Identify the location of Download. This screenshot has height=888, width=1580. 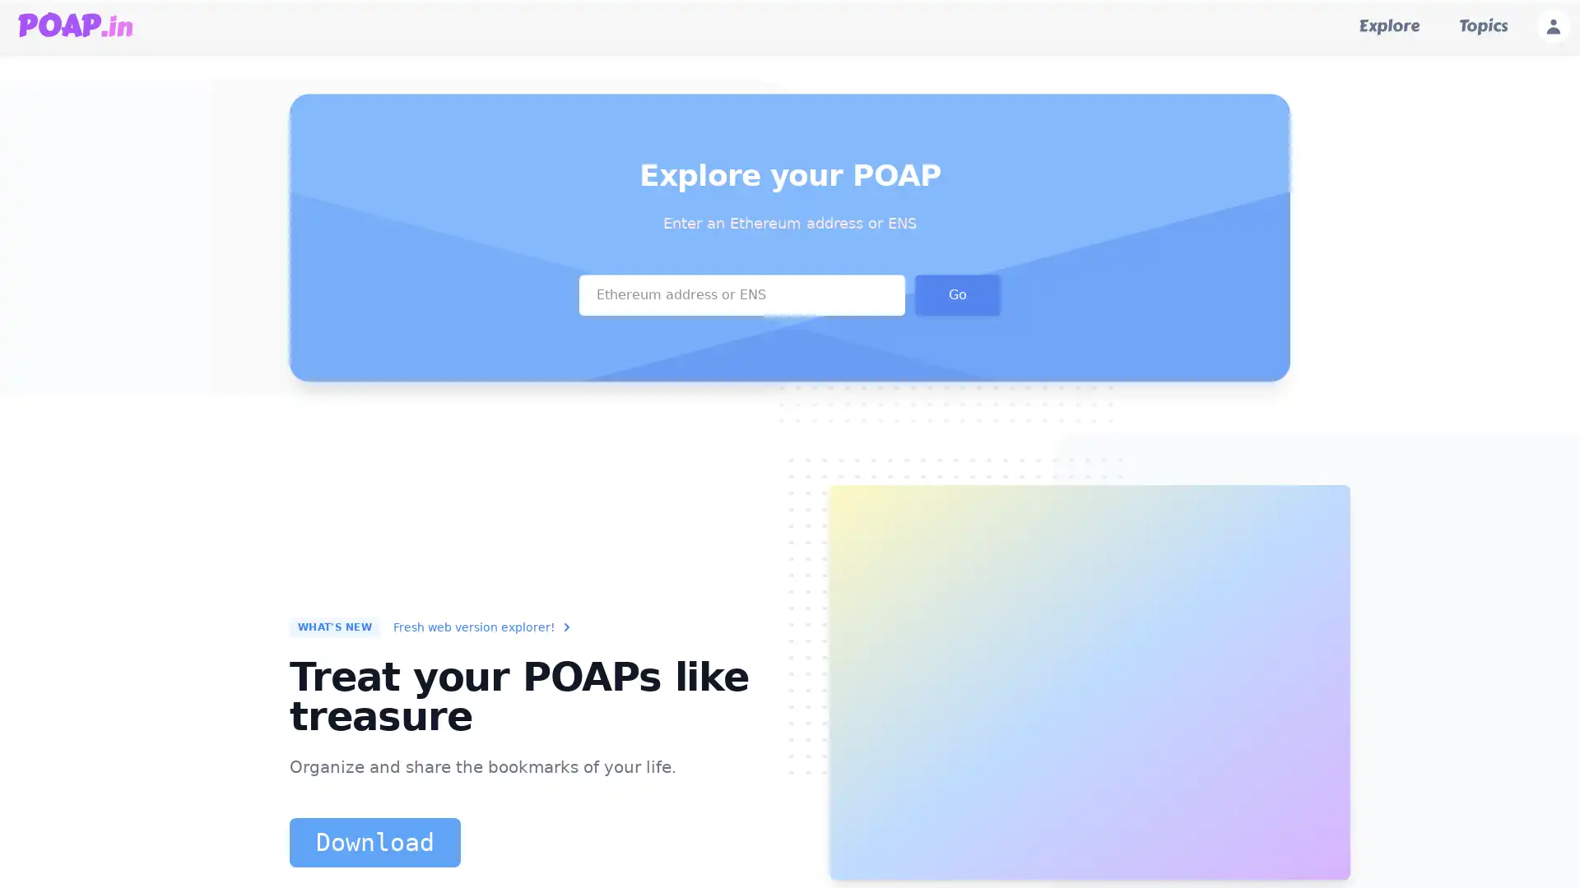
(374, 843).